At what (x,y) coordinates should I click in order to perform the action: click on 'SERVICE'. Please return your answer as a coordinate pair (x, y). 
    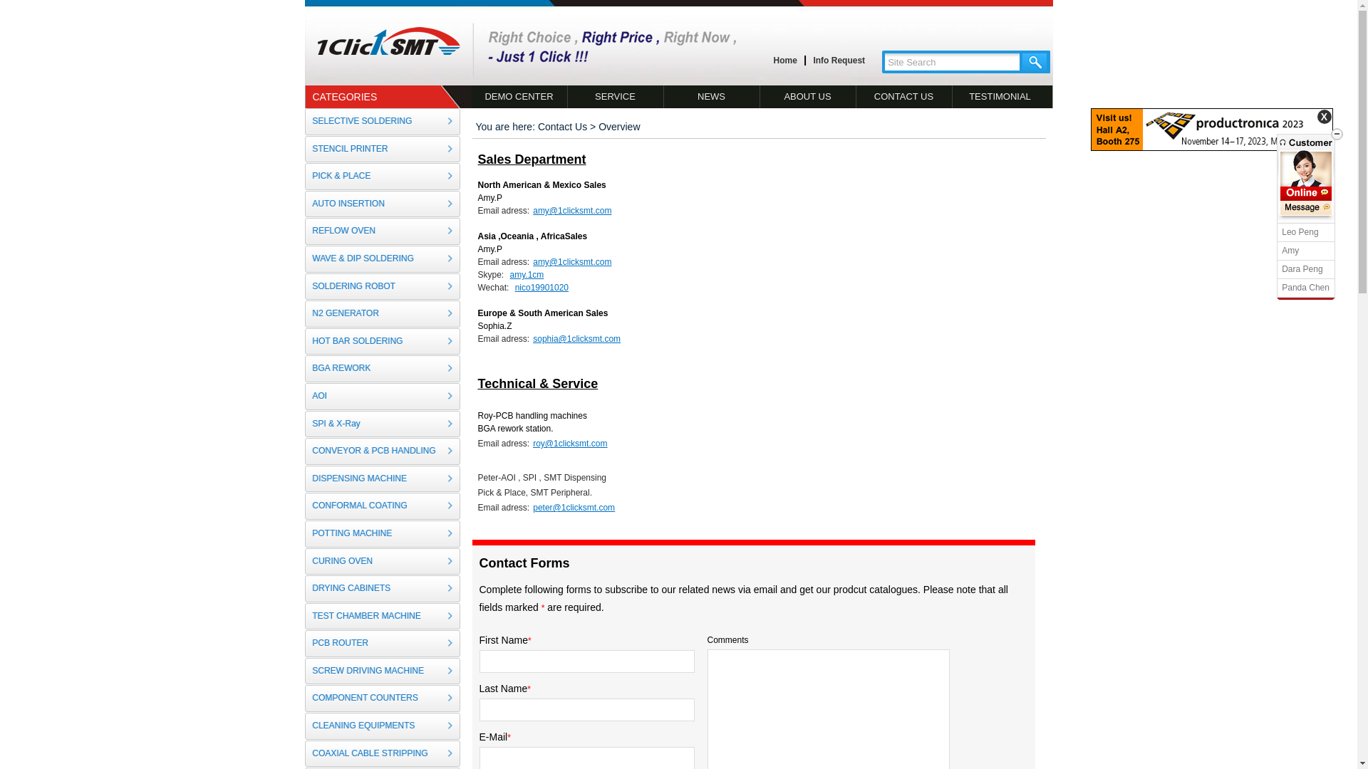
    Looking at the image, I should click on (615, 96).